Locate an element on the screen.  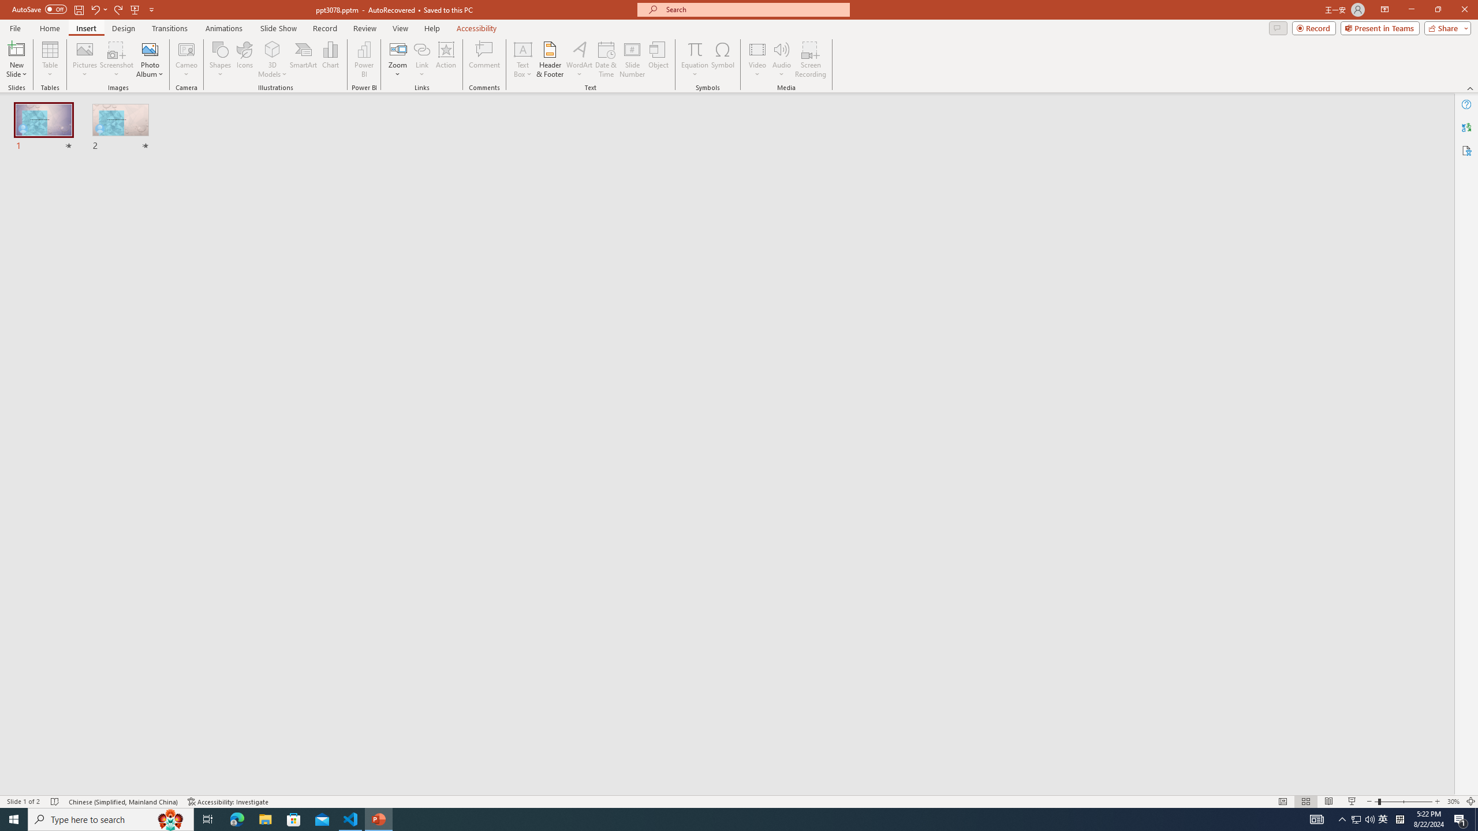
'Spell Check No Errors' is located at coordinates (55, 802).